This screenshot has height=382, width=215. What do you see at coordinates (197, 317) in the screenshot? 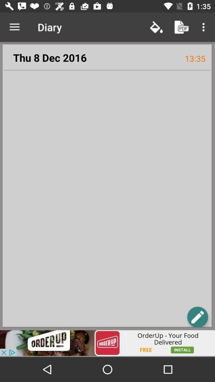
I see `the edit icon` at bounding box center [197, 317].